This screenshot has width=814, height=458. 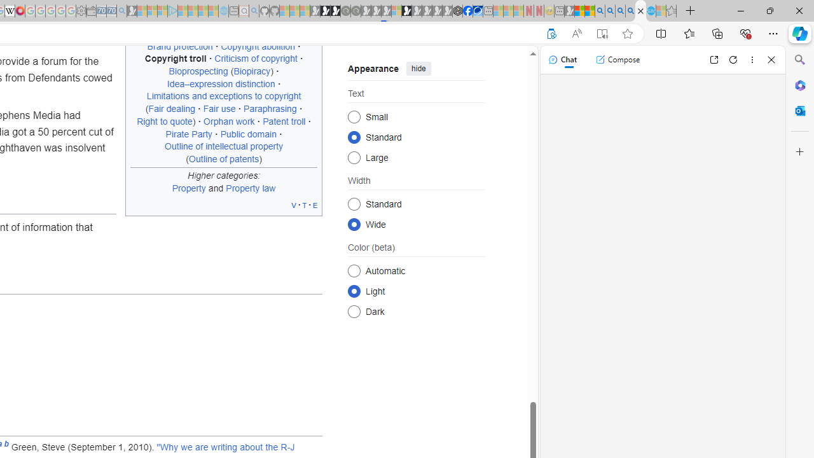 I want to click on 'Brand protection', so click(x=179, y=45).